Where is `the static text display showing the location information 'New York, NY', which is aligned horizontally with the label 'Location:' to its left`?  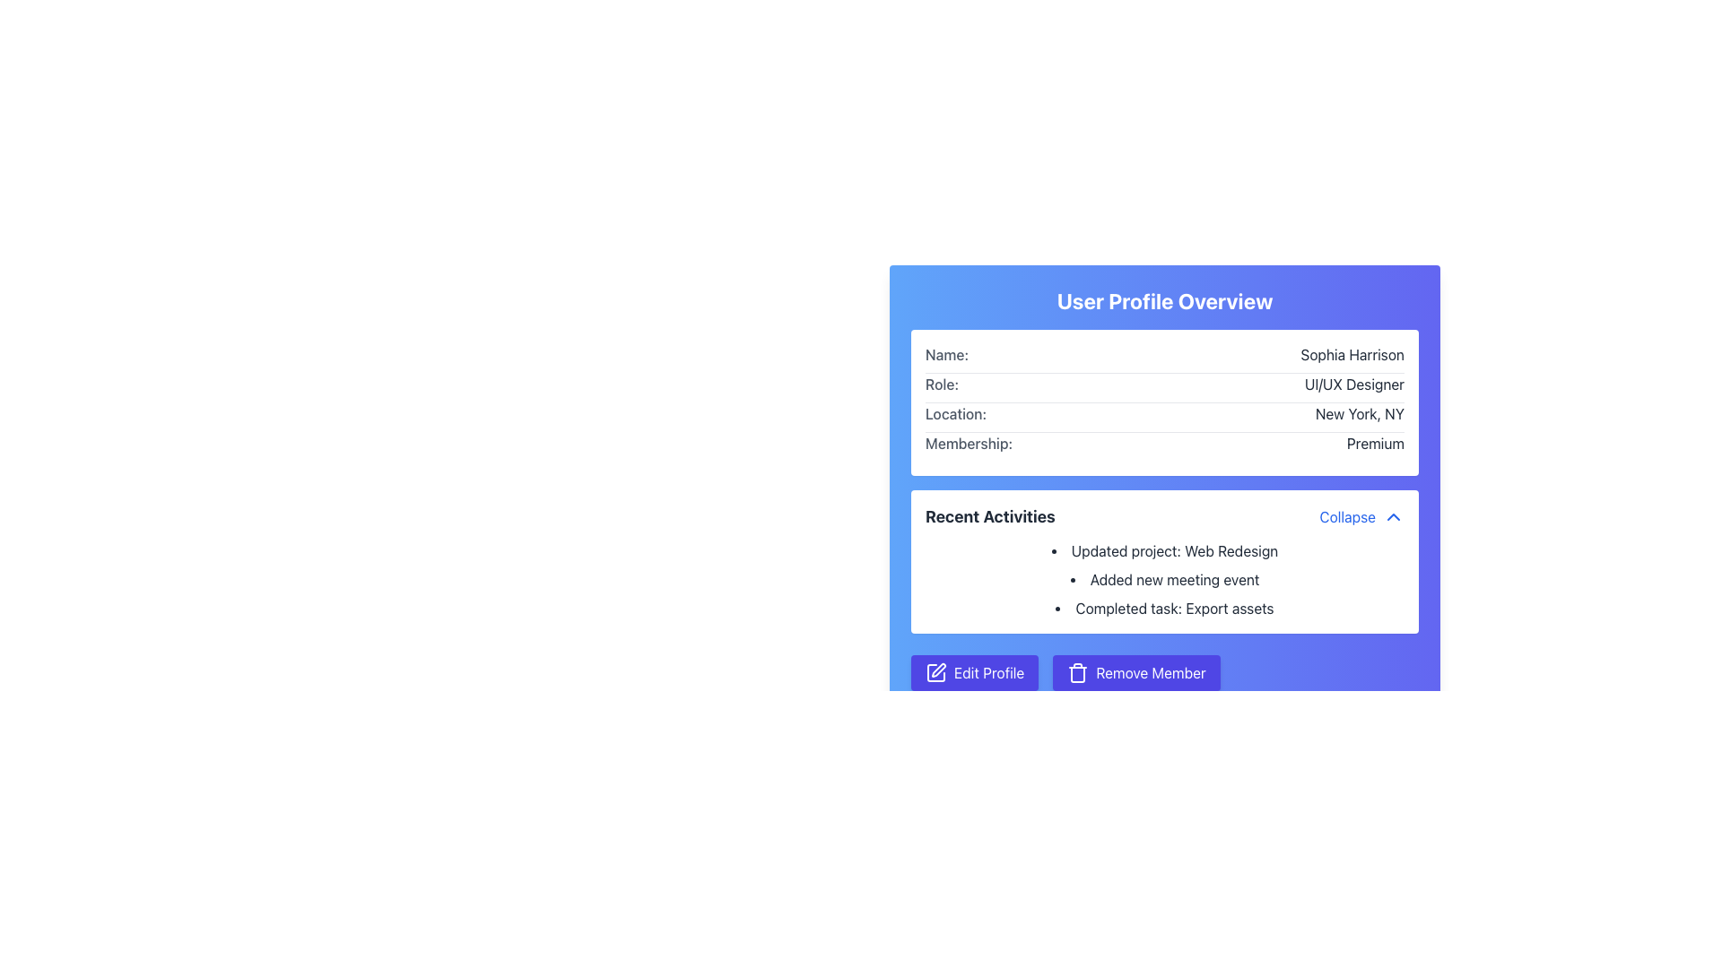 the static text display showing the location information 'New York, NY', which is aligned horizontally with the label 'Location:' to its left is located at coordinates (1360, 414).